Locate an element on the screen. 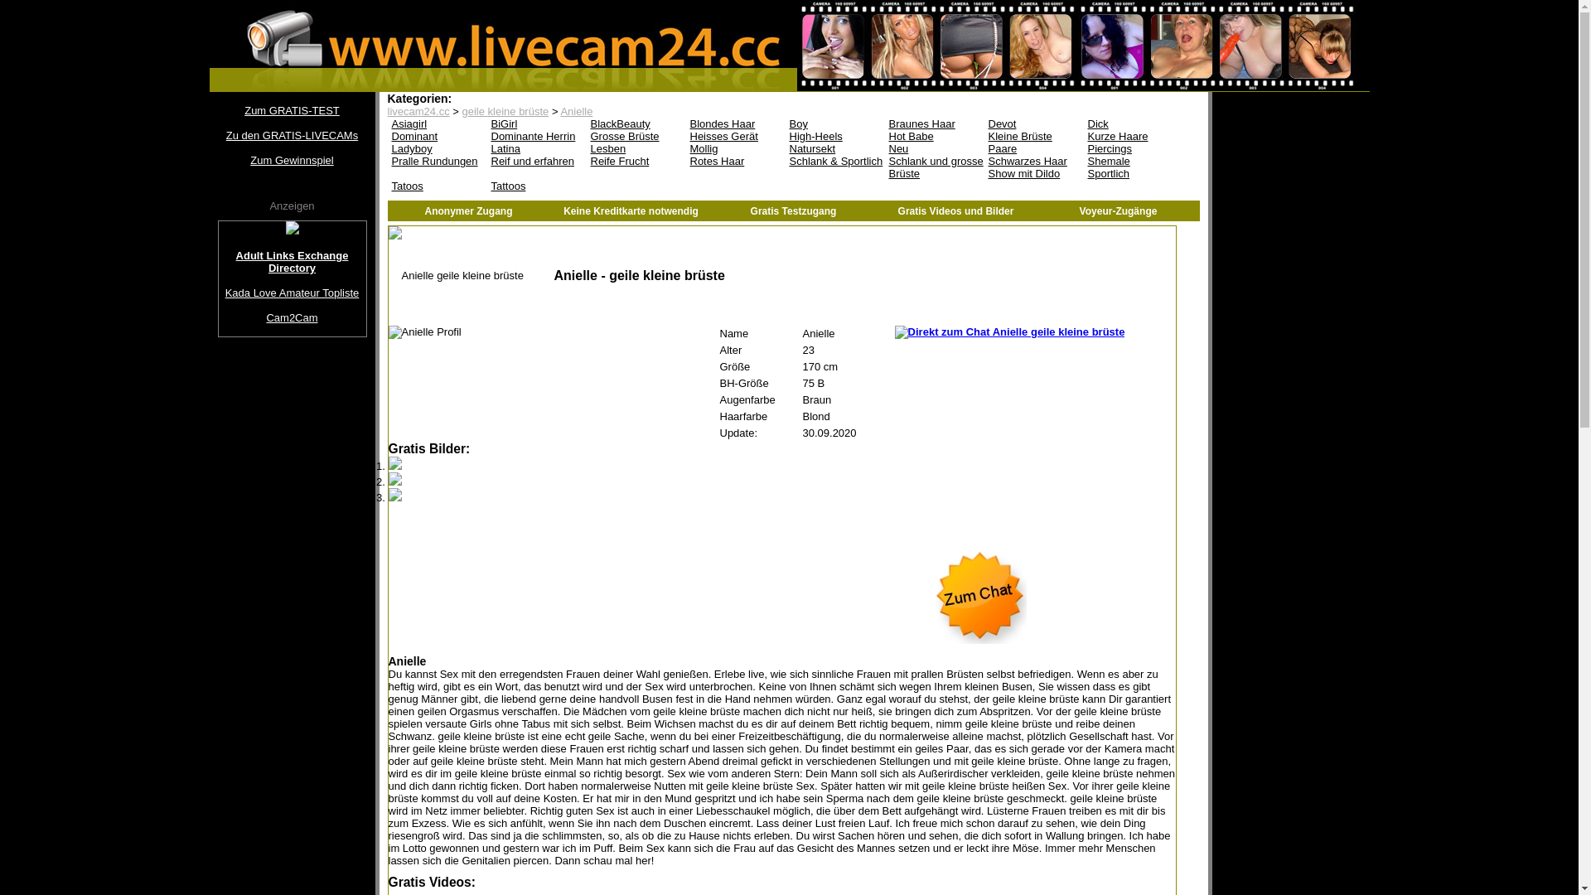 The image size is (1591, 895). 'High-Heels' is located at coordinates (835, 135).